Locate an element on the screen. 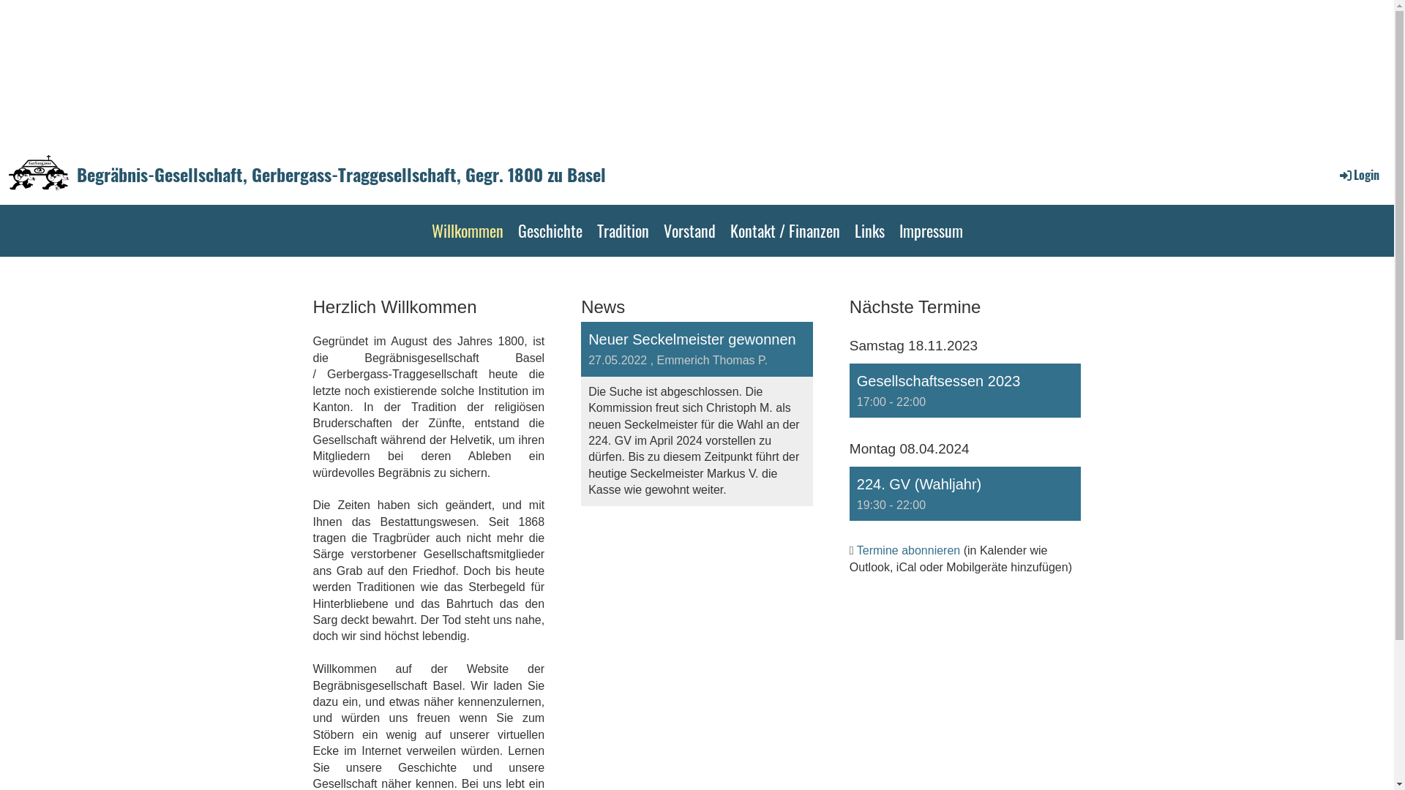  'Willkommen' is located at coordinates (466, 230).